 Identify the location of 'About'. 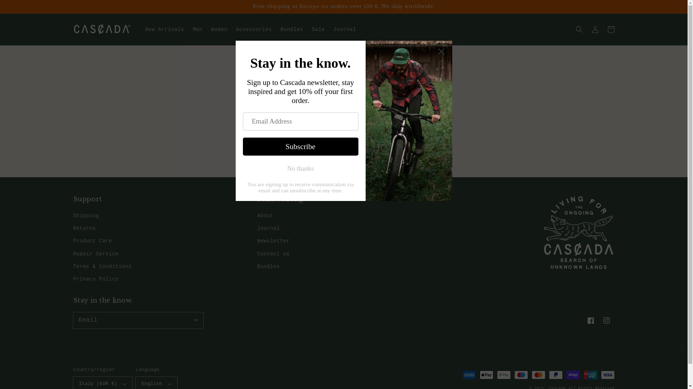
(265, 216).